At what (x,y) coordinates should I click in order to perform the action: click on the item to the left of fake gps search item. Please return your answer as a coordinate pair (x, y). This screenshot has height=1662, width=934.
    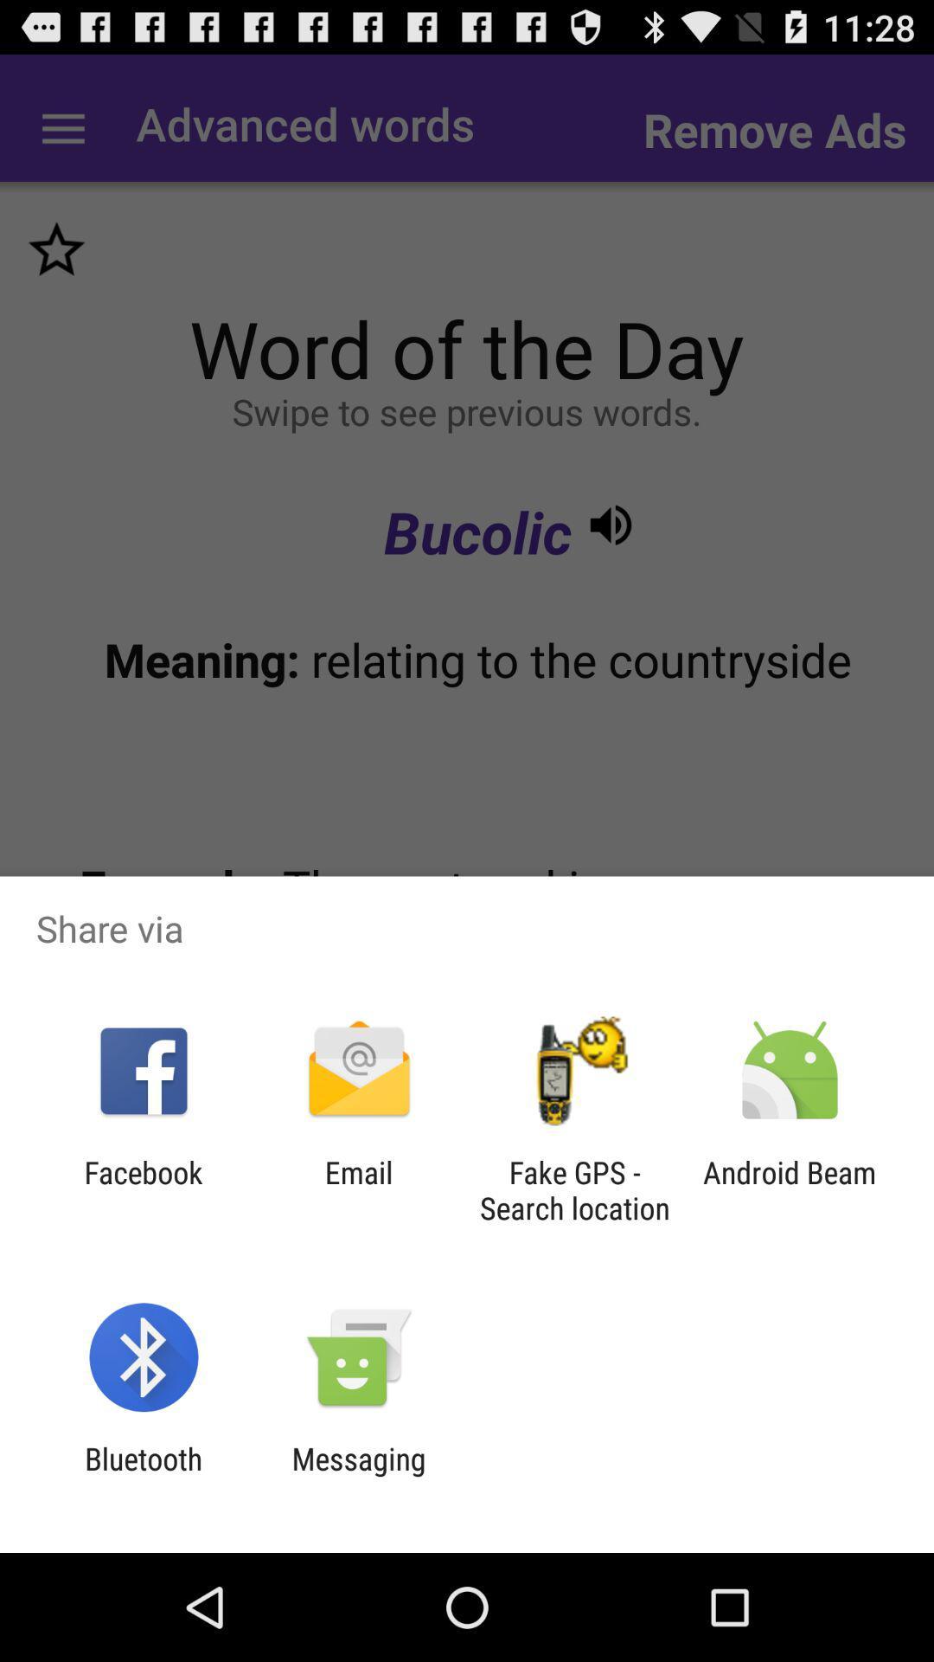
    Looking at the image, I should click on (358, 1189).